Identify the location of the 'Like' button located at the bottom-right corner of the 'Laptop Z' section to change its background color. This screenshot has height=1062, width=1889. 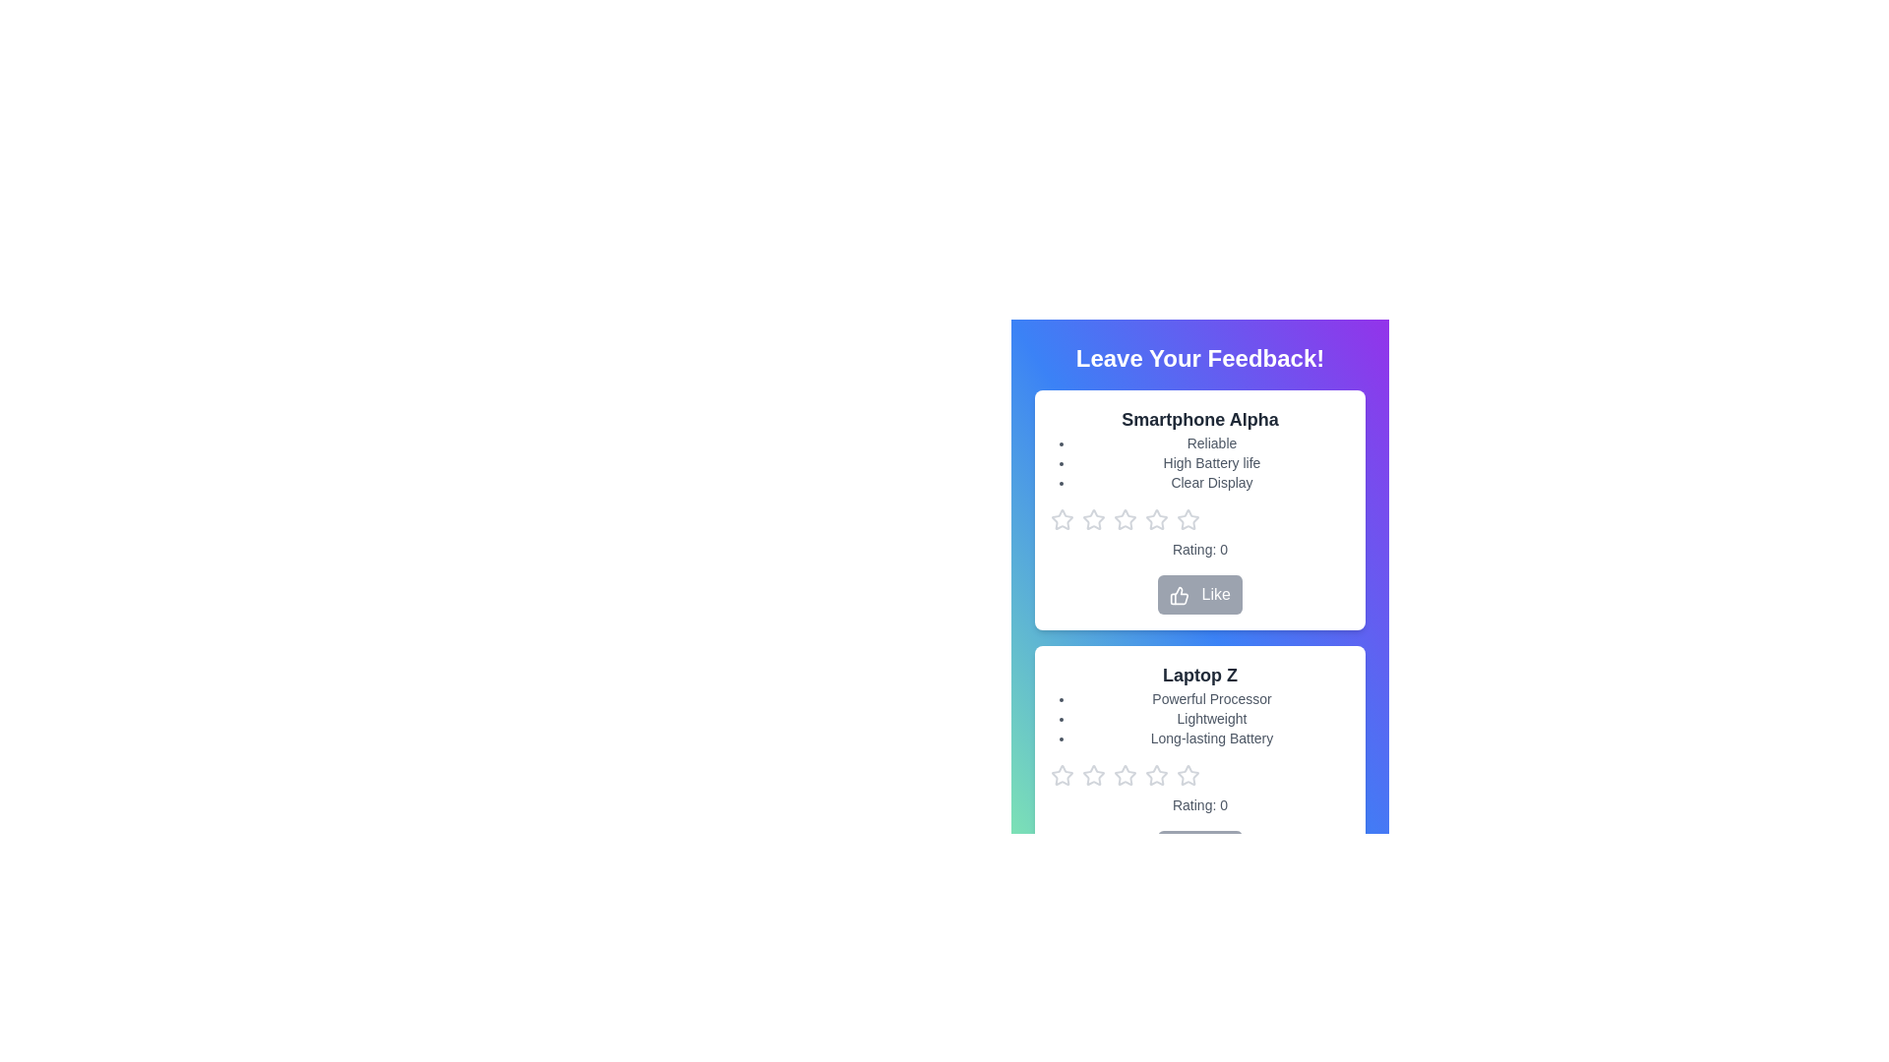
(1198, 849).